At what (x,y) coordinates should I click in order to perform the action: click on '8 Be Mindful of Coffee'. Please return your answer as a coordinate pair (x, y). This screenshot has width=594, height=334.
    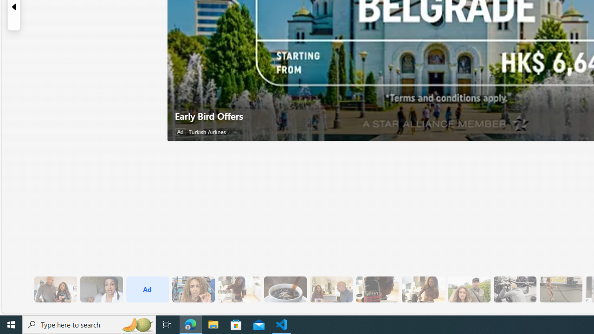
    Looking at the image, I should click on (284, 289).